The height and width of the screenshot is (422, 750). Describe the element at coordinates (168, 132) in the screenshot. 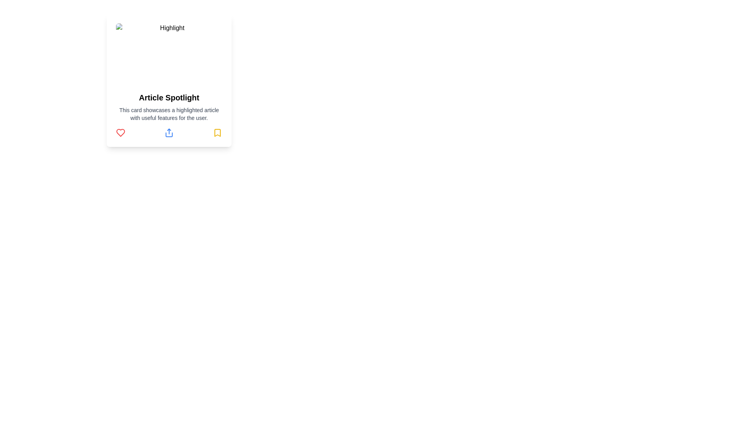

I see `the interactive blue upward arrow icon located centrally at the bottom section of the card layout` at that location.